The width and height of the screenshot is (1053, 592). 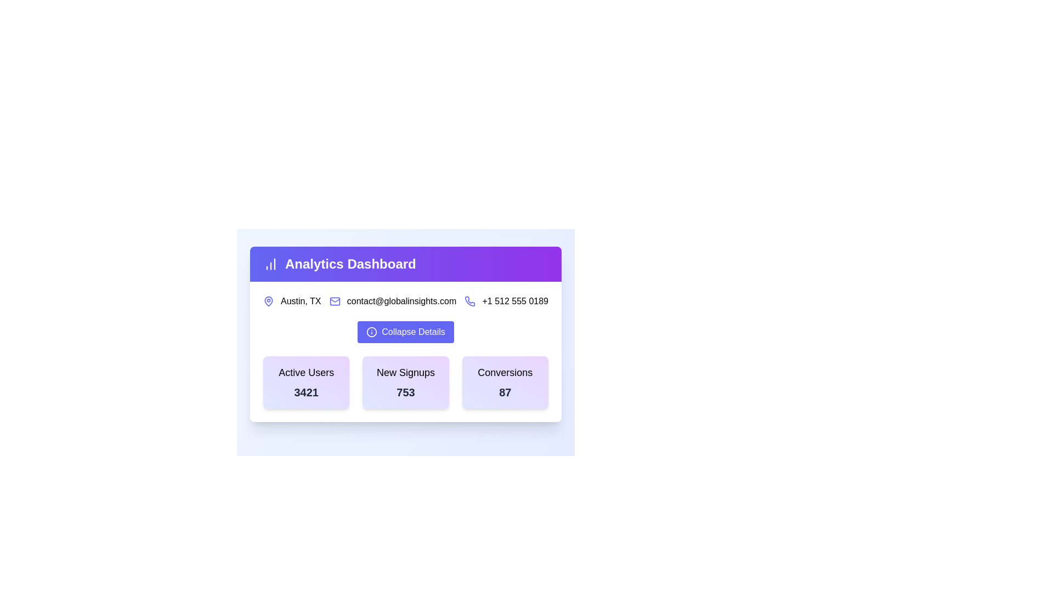 I want to click on the 'Conversions' static informational panel, which features a gradient background and displays the number '87' in bold uppercase, located at the bottom-right corner of the grid layout, so click(x=505, y=382).